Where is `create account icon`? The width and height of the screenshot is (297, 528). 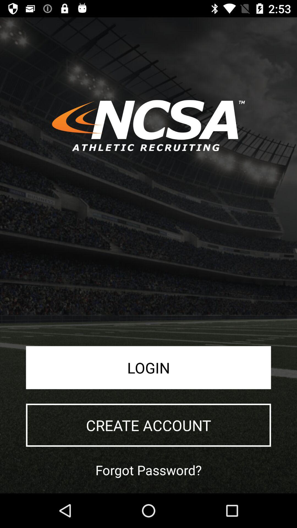 create account icon is located at coordinates (148, 425).